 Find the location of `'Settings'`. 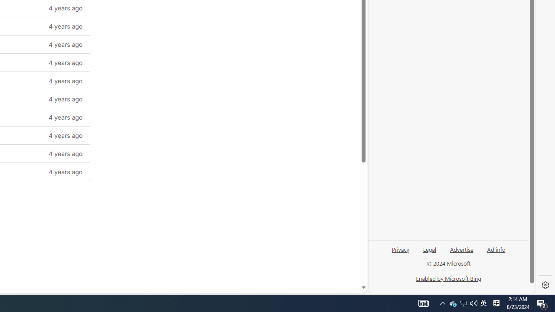

'Settings' is located at coordinates (545, 285).